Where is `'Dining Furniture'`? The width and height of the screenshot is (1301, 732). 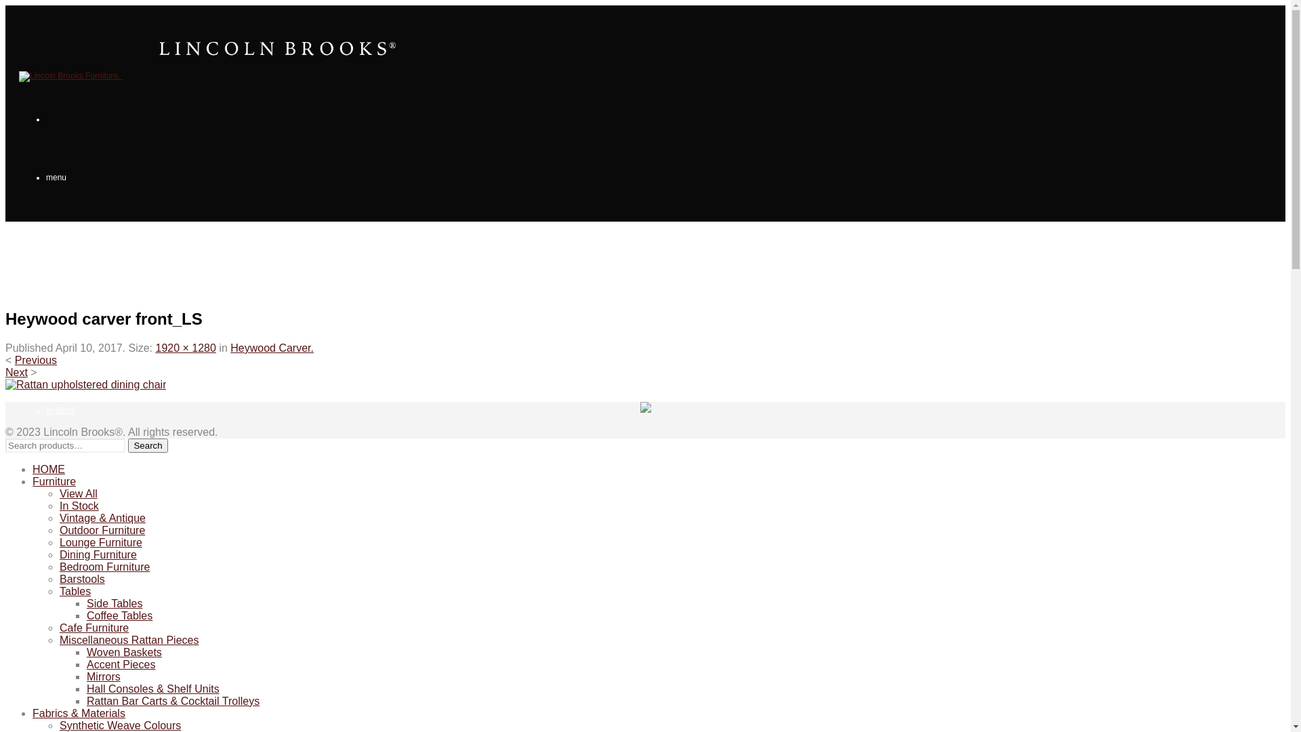 'Dining Furniture' is located at coordinates (74, 643).